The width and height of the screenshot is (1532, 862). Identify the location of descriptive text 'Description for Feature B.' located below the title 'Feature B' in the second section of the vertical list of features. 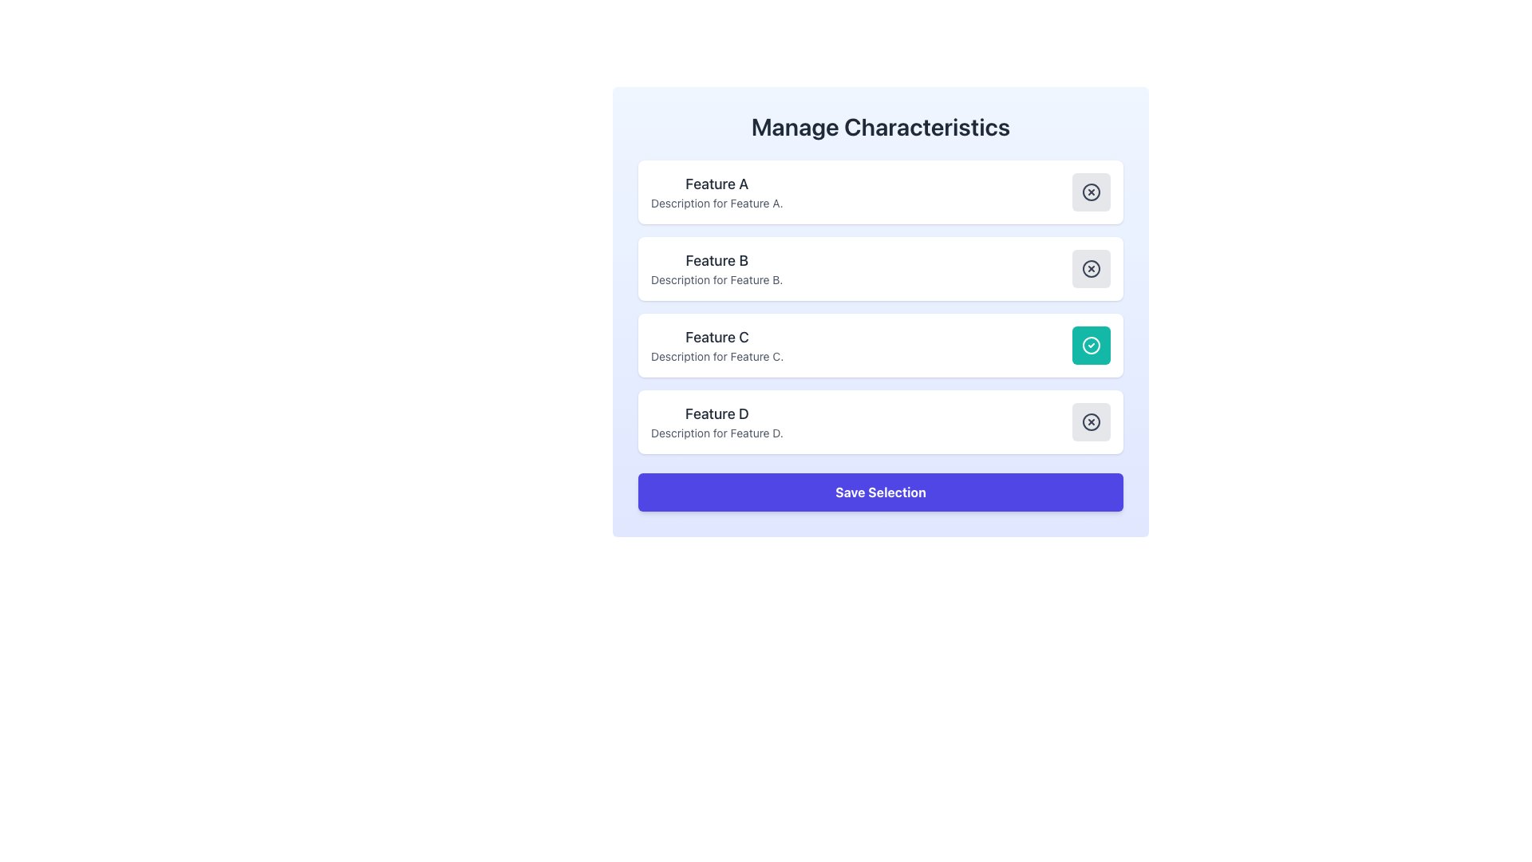
(716, 279).